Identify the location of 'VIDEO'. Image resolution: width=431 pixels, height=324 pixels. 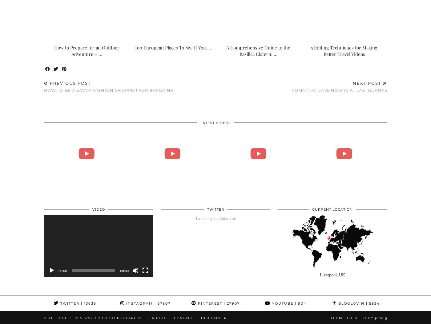
(98, 209).